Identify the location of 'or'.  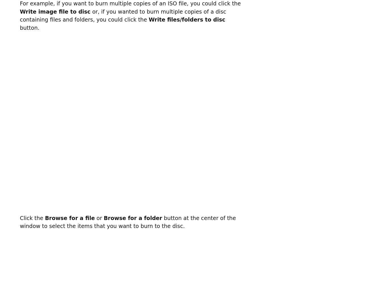
(99, 217).